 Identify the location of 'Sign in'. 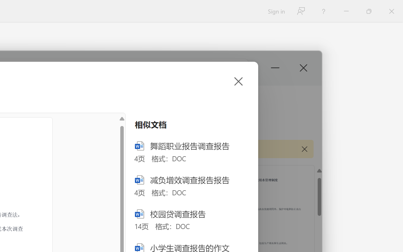
(276, 11).